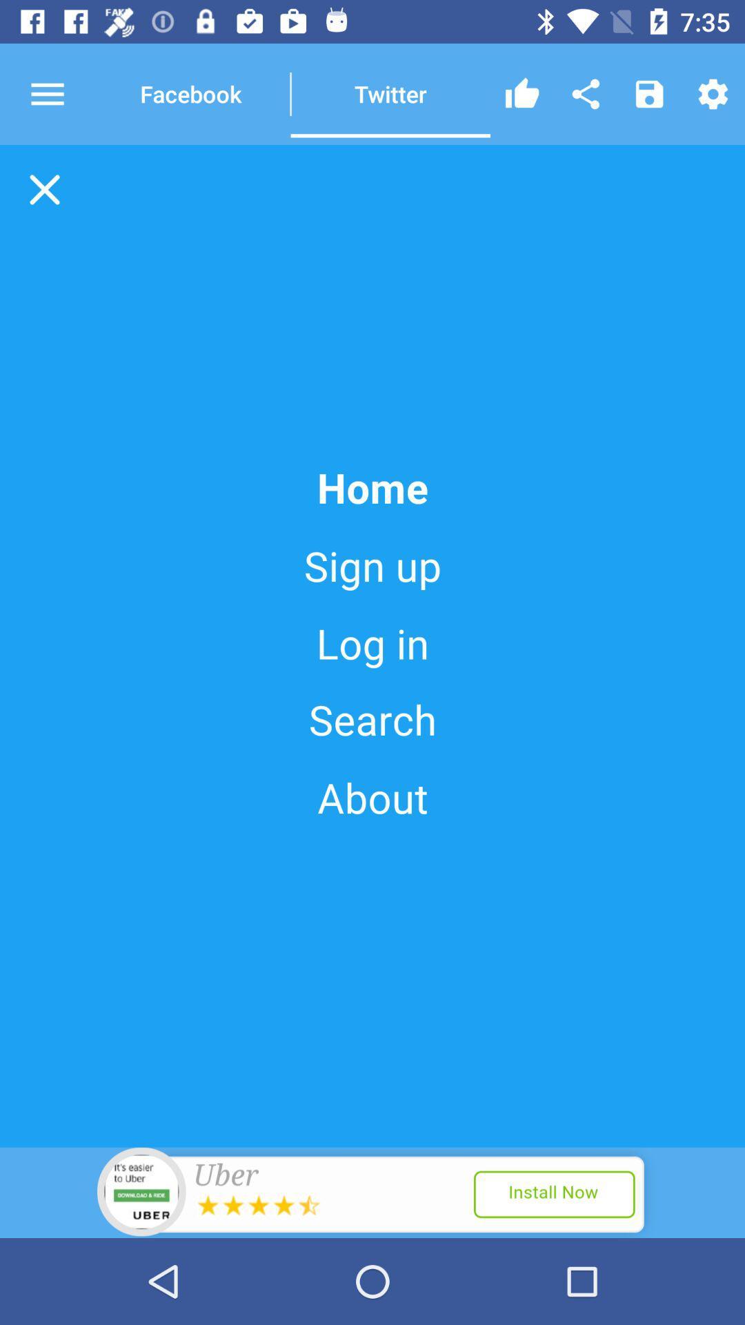  I want to click on upvote, so click(522, 93).